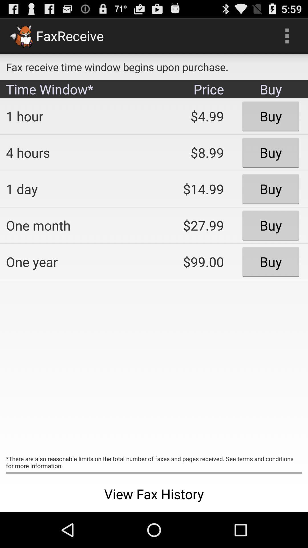 This screenshot has width=308, height=548. I want to click on icon above 4 hours, so click(76, 116).